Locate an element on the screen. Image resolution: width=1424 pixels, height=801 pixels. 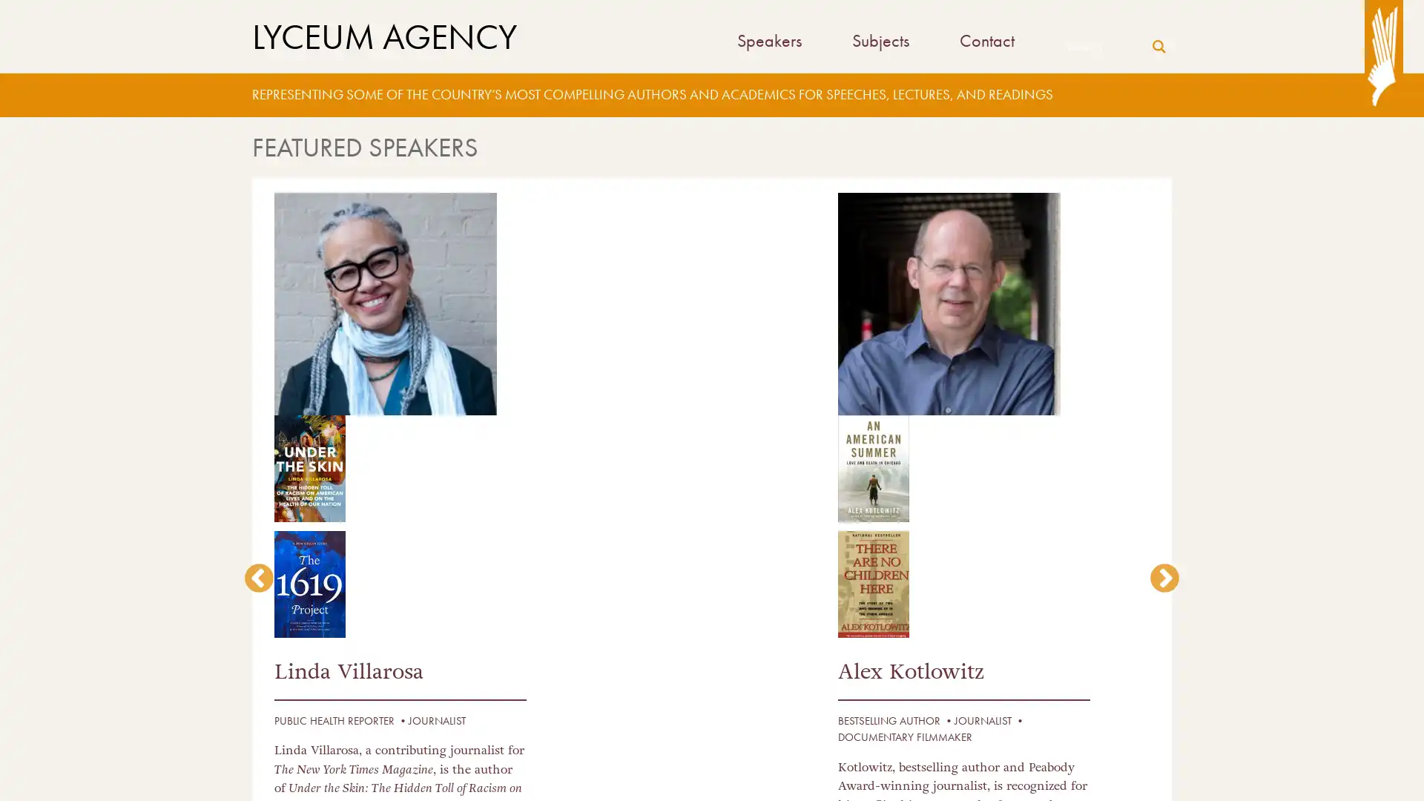
previous is located at coordinates (259, 320).